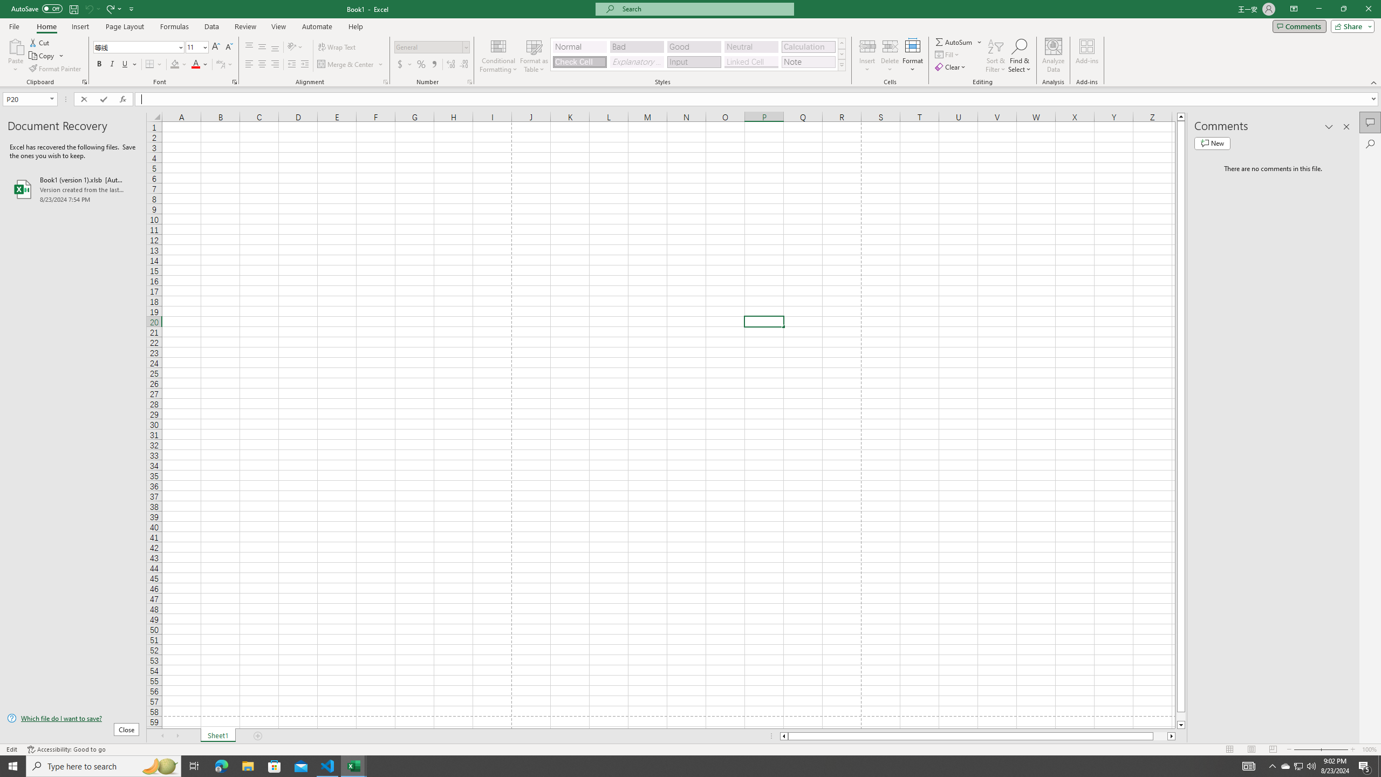 The image size is (1381, 777). Describe the element at coordinates (464, 64) in the screenshot. I see `'Decrease Decimal'` at that location.